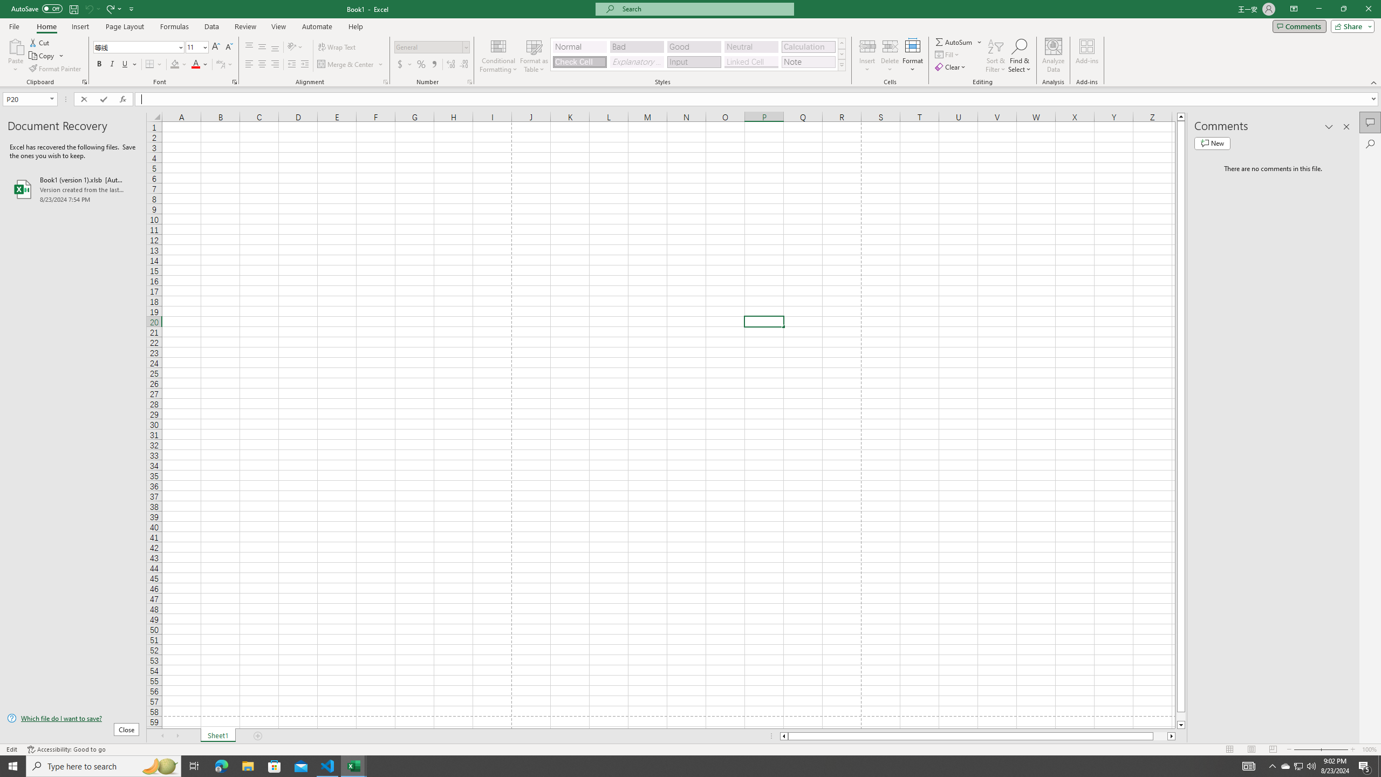 The image size is (1381, 777). Describe the element at coordinates (464, 64) in the screenshot. I see `'Decrease Decimal'` at that location.